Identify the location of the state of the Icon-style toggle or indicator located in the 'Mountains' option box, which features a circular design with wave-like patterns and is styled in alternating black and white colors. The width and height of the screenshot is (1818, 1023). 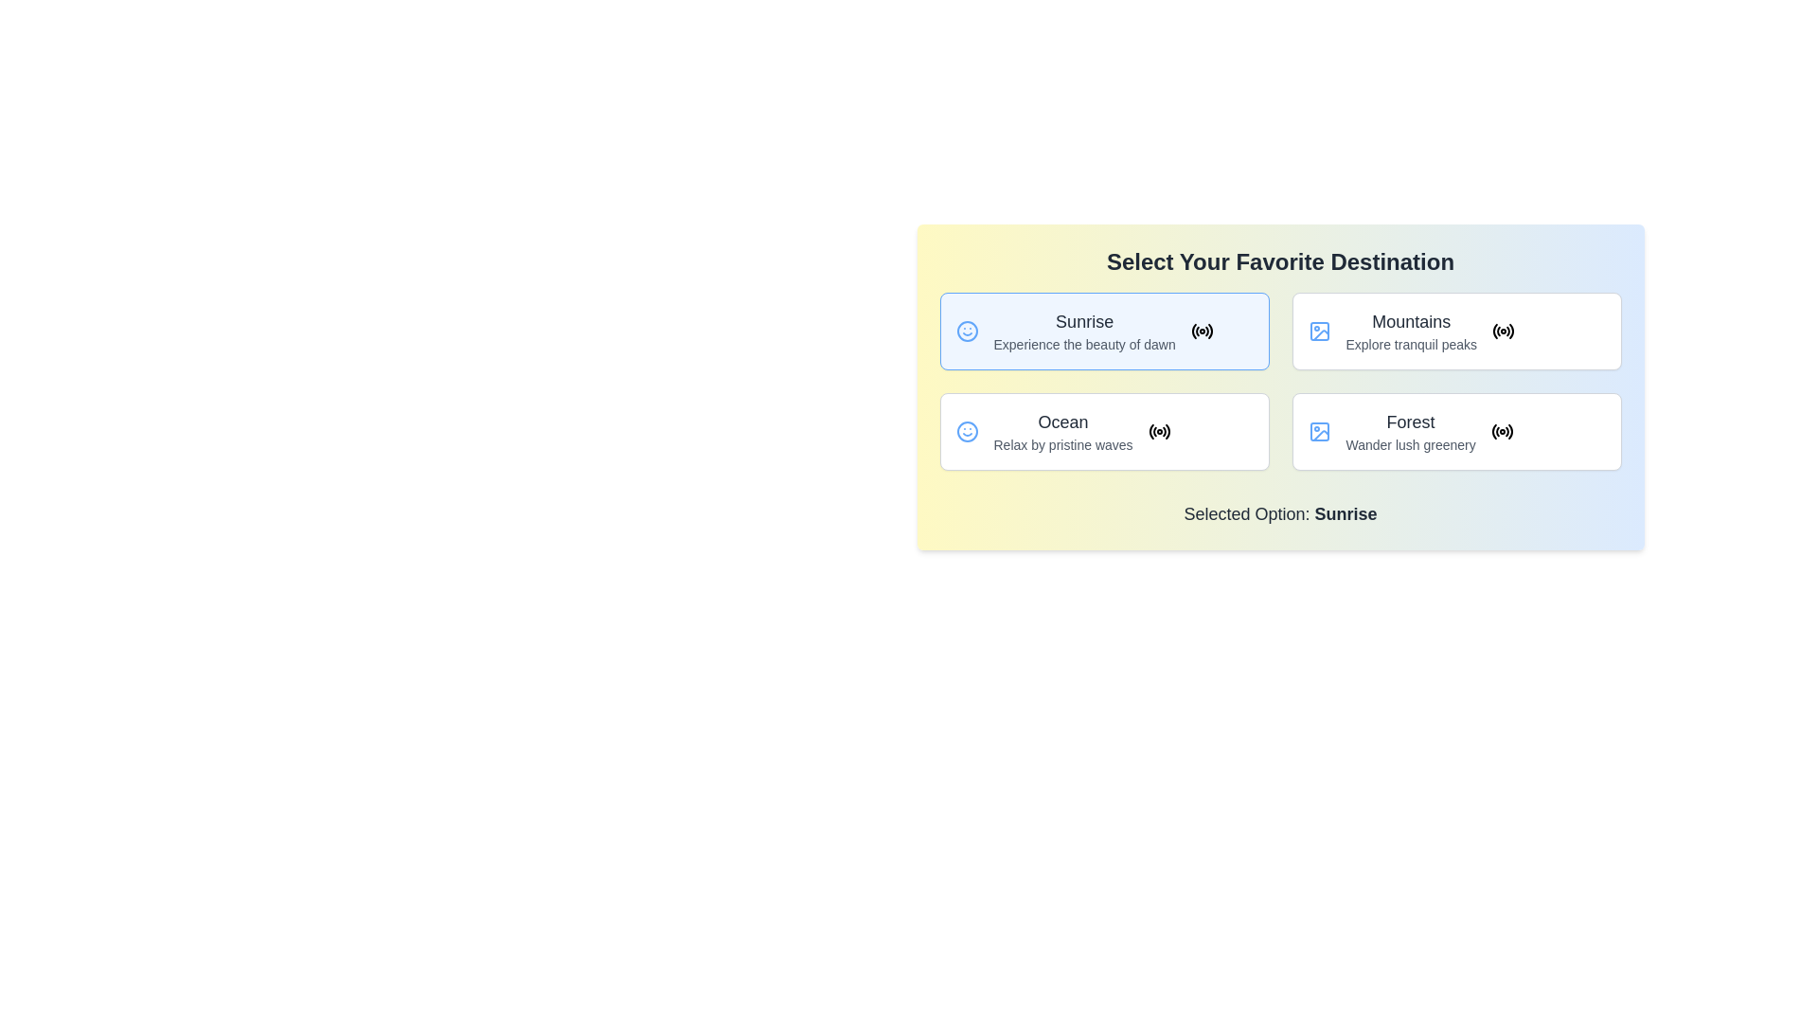
(1503, 331).